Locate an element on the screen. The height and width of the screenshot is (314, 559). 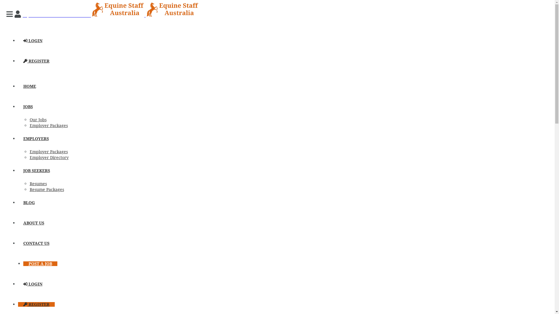
'REGISTER' is located at coordinates (36, 61).